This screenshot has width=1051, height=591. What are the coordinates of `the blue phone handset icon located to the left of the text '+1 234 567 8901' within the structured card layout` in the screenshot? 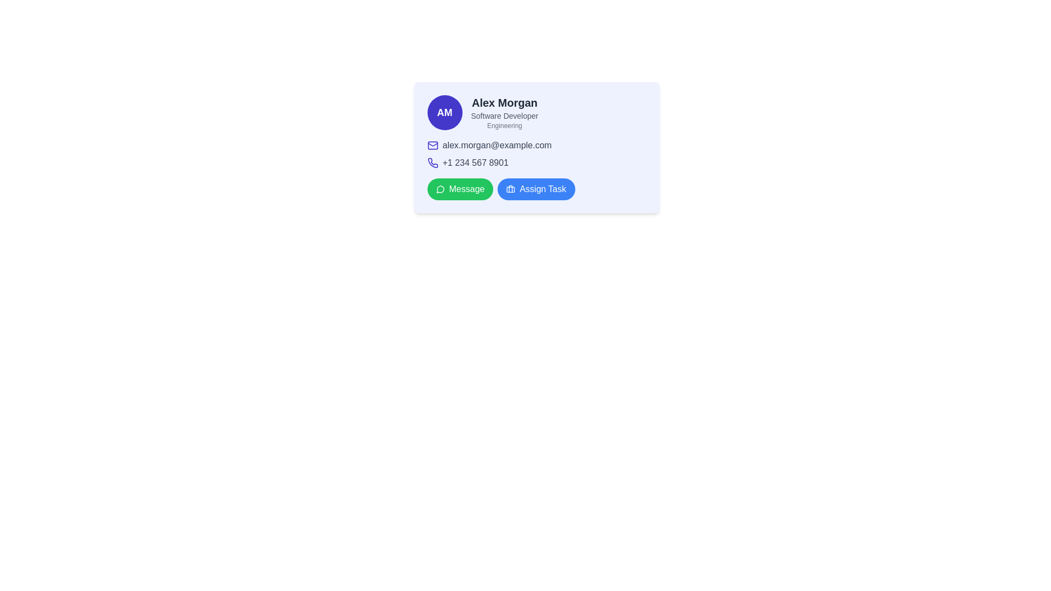 It's located at (432, 163).